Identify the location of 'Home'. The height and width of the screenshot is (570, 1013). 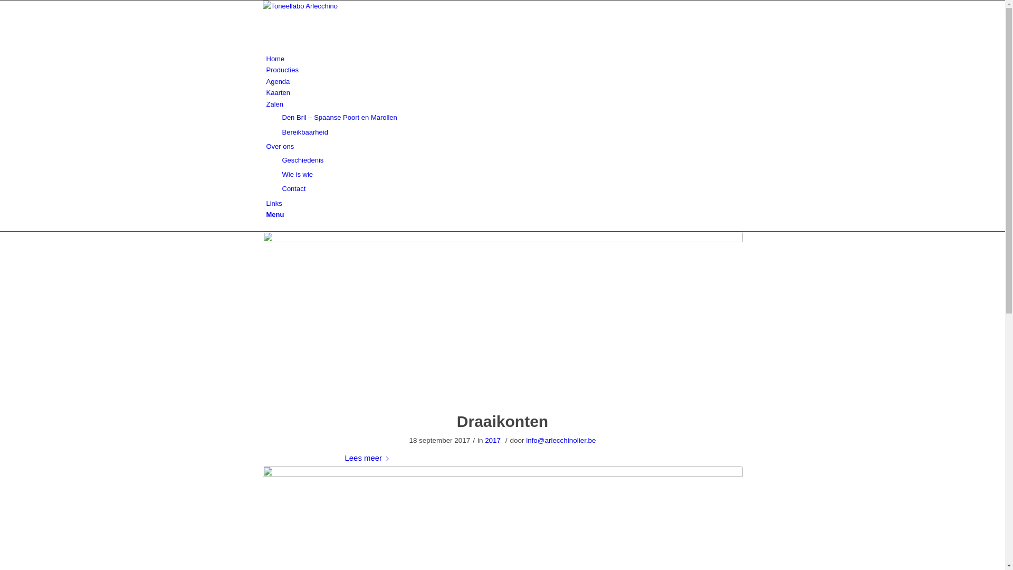
(275, 59).